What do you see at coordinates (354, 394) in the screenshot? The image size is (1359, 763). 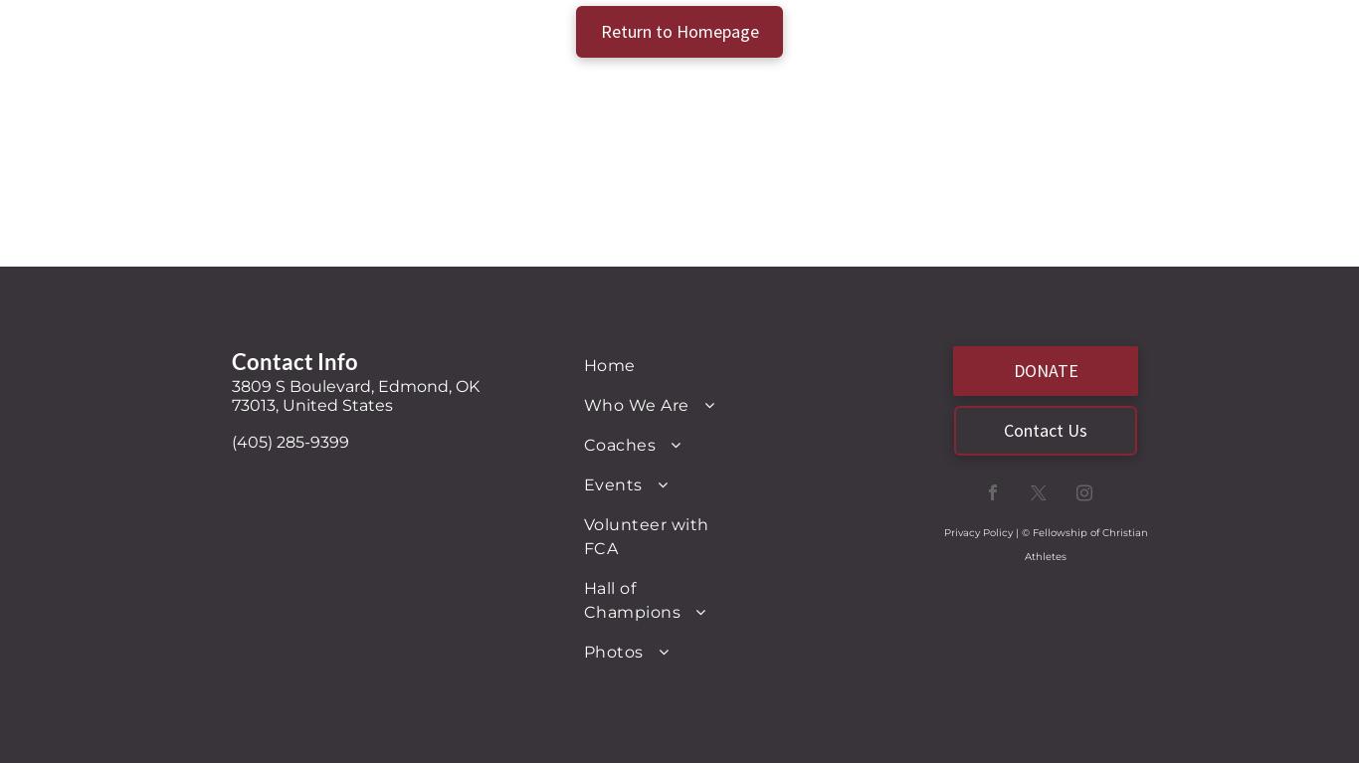 I see `'3809 S Boulevard, Edmond, OK 73013, United States'` at bounding box center [354, 394].